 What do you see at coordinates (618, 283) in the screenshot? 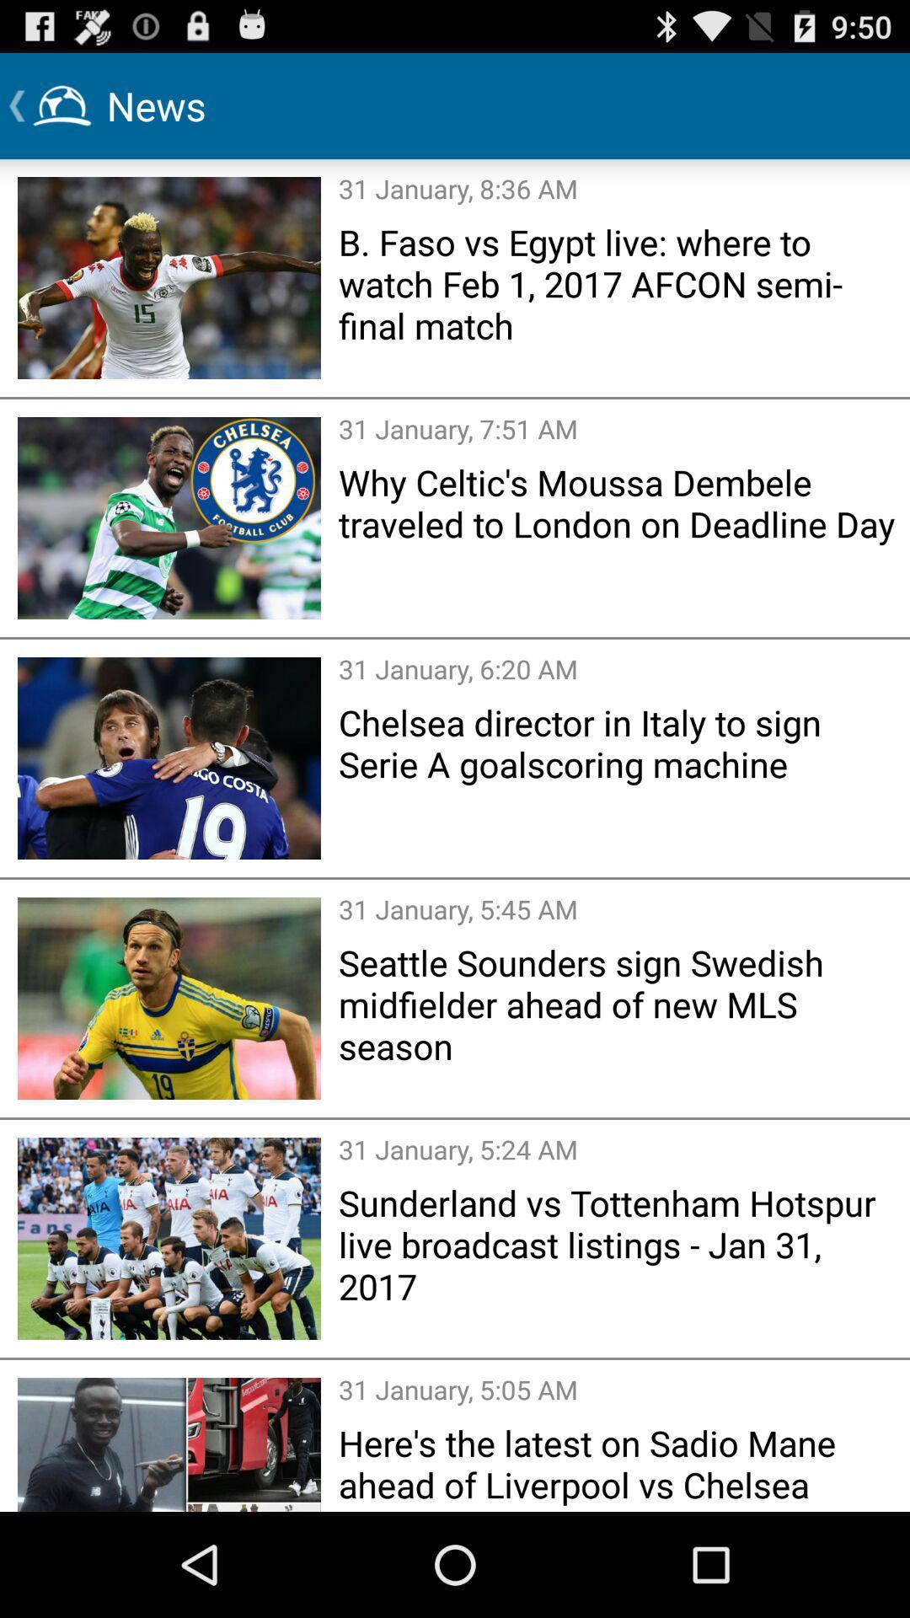
I see `the icon below the 31 january 8 item` at bounding box center [618, 283].